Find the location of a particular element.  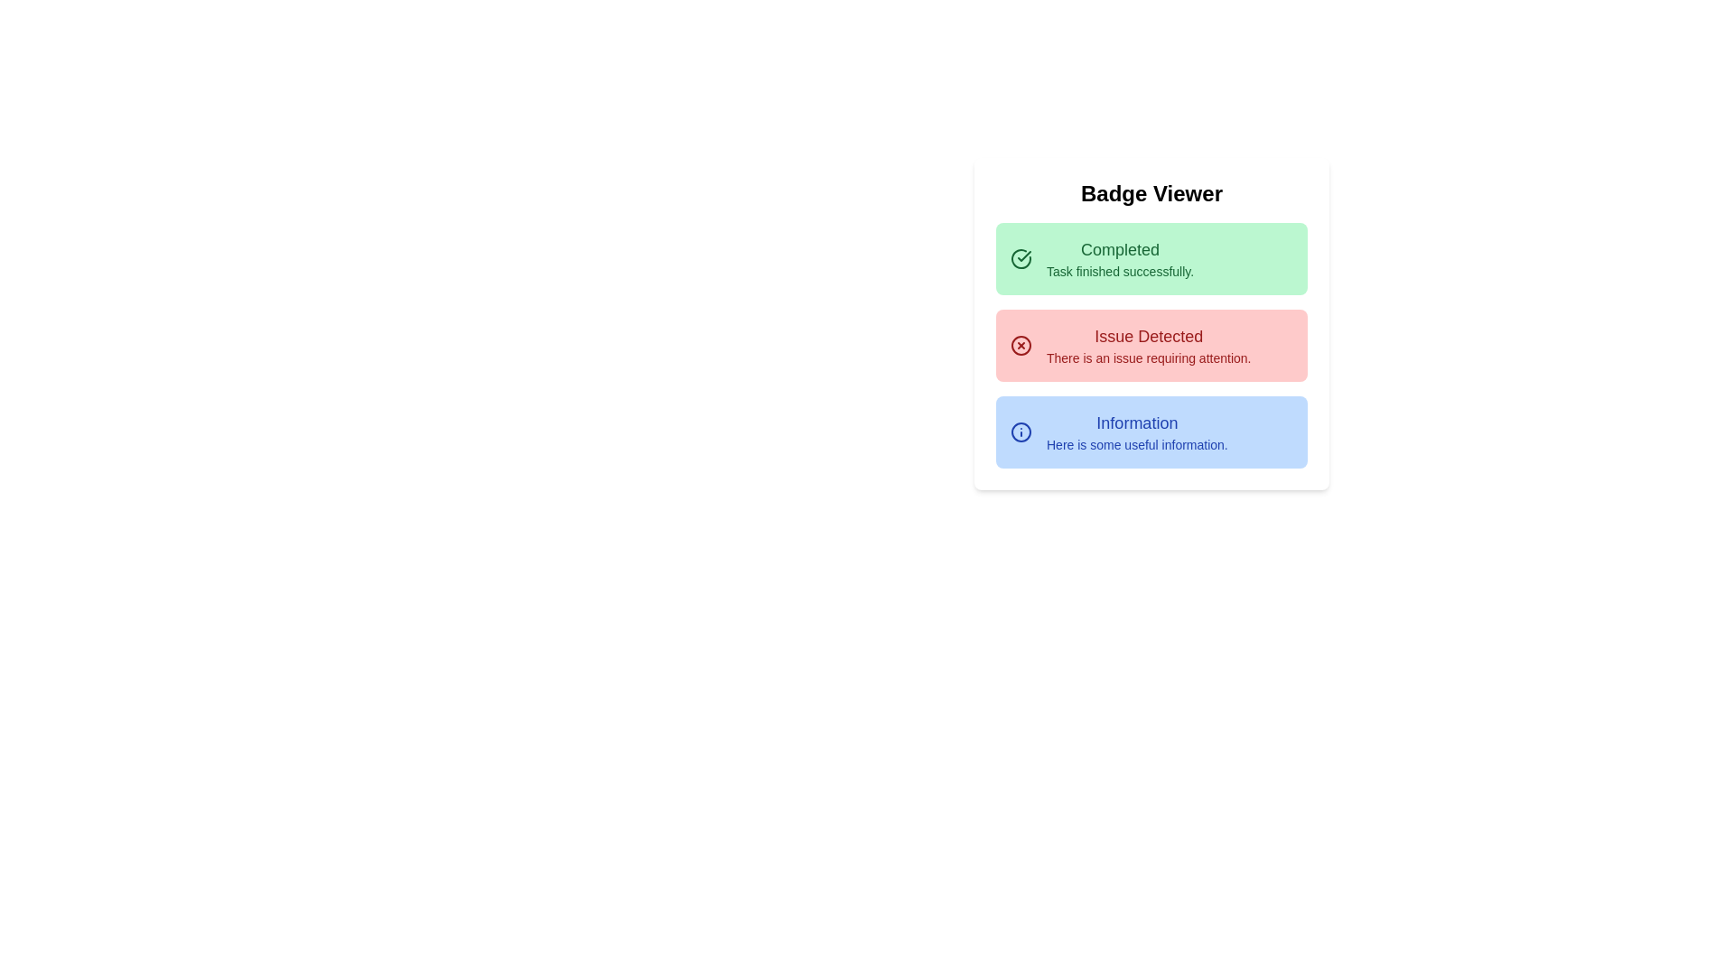

the 'Issue Detected' informational alert box text is located at coordinates (1148, 345).